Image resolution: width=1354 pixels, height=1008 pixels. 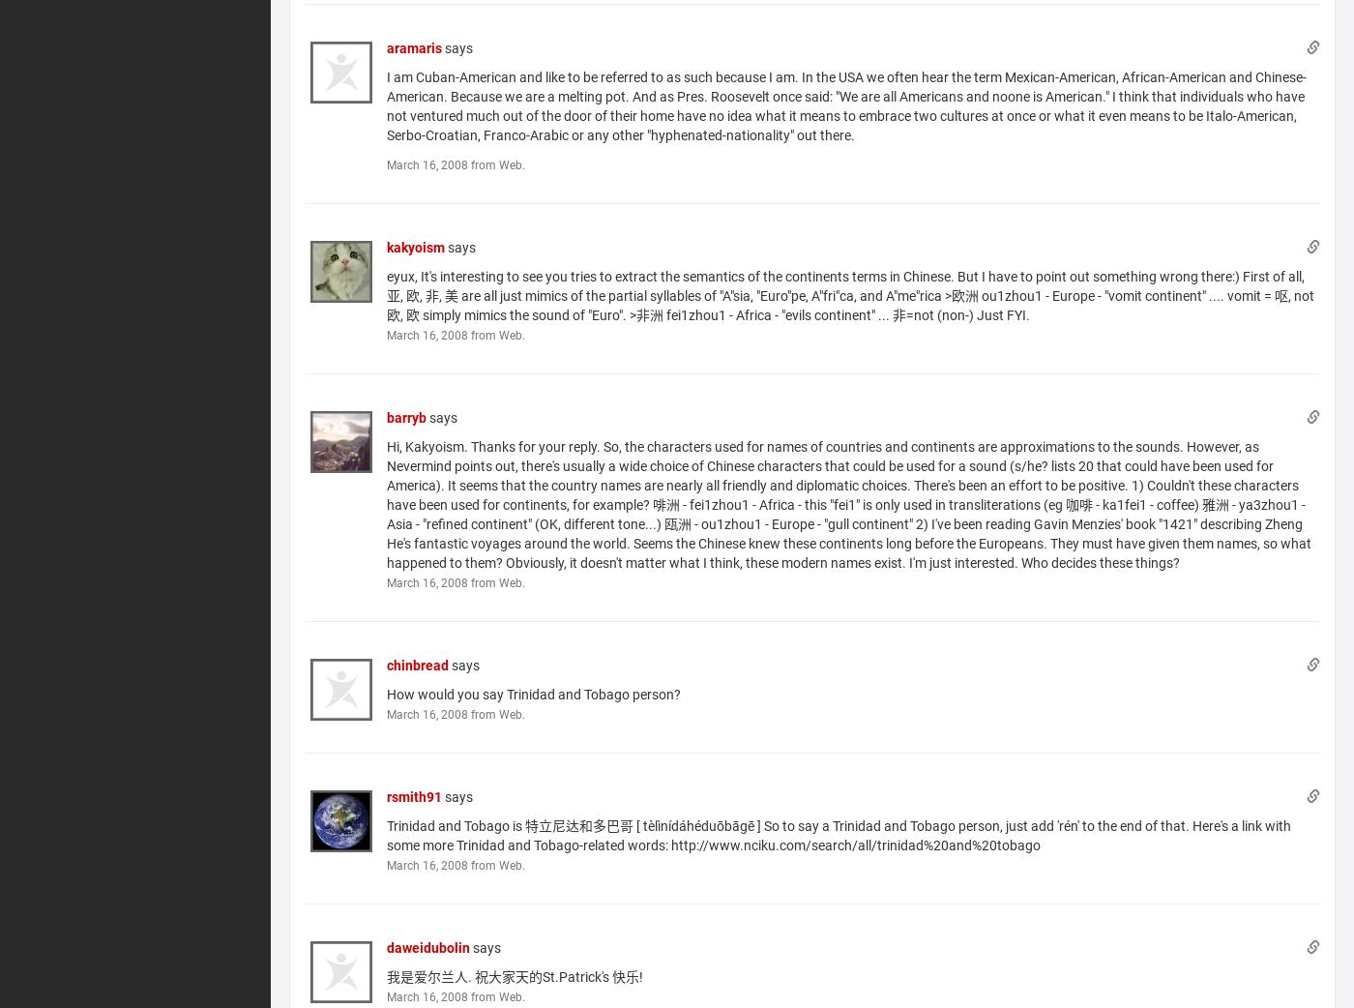 I want to click on 'Hi, Kakyoism.

Thanks for your reply. So, the characters used for names of countries and continents are approximations to the sounds. However, as Nevermind points out, there's usually a wide choice of Chinese characters that could be used for a sound (s/he? lists 20 that could have been used for America).

It seems that the country names are nearly all friendly and diplomatic choices. There's been an effort to be positive.

1) Couldn't these characters have been used for continents, for example?

啡洲 - fei1zhou1 - Africa - this "fei1" is only used in transliterations (eg 咖啡 - ka1fei1 - coffee)
雅洲 - ya3zhou1  - Asia - "refined continent" (OK, different tone...)
瓯洲 - ou1zhou1  - Europe - "gull continent"

2) I've been reading Gavin Menzies' book "1421" describing Zheng He's fantastic voyages around the world. Seems the Chinese knew these continents long before the Europeans. They must have given them names, so what happened to them?

Obviously, it doesn't matter what I think, these modern names exist. I'm just interested. Who decides these things?', so click(x=848, y=504).